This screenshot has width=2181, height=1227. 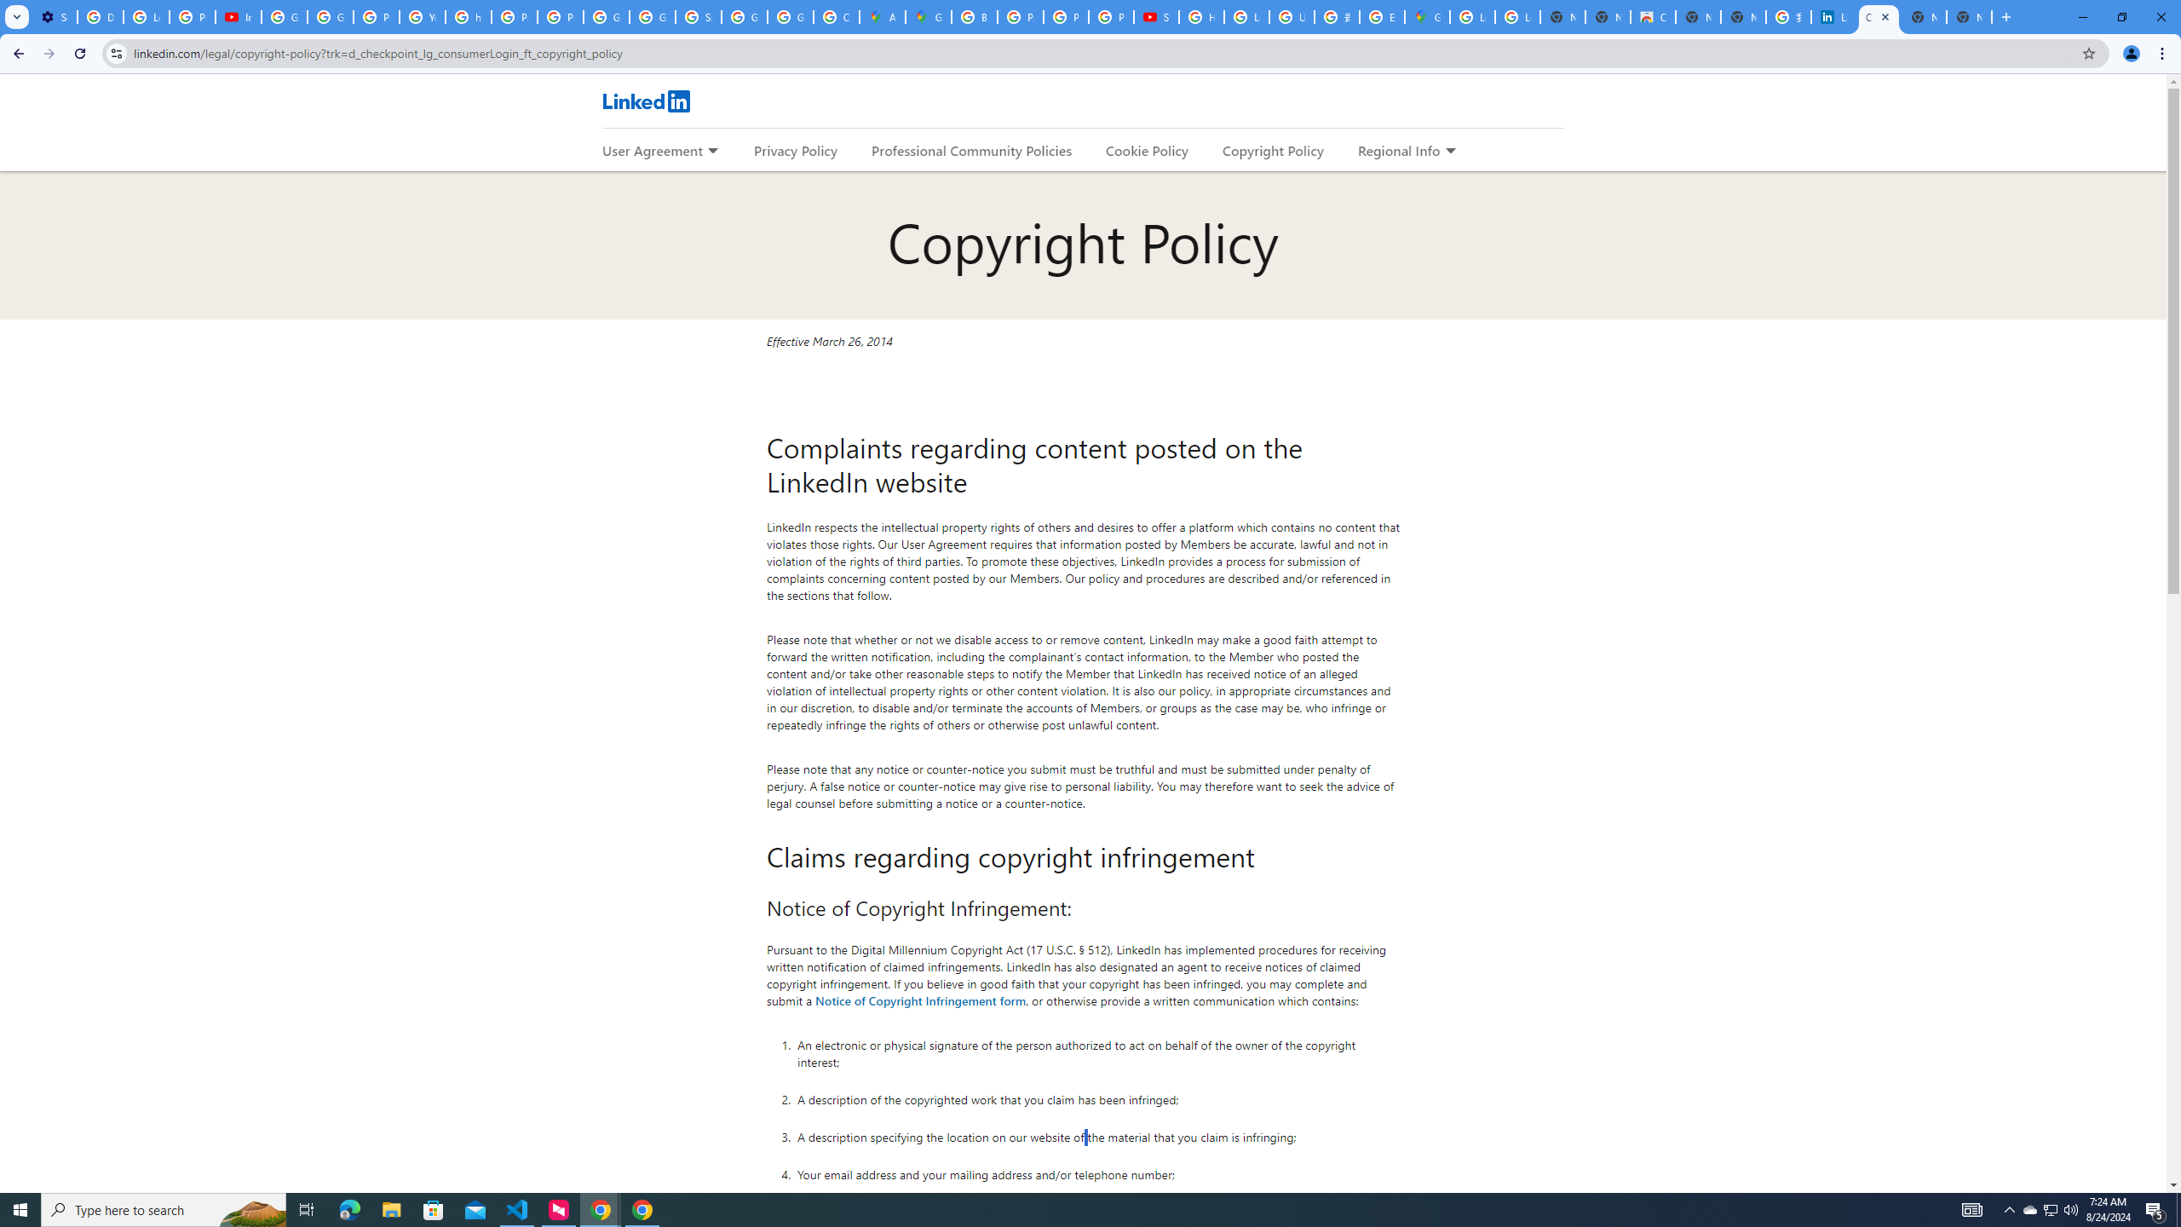 I want to click on 'Expand to show more links for Regional Info', so click(x=1449, y=151).